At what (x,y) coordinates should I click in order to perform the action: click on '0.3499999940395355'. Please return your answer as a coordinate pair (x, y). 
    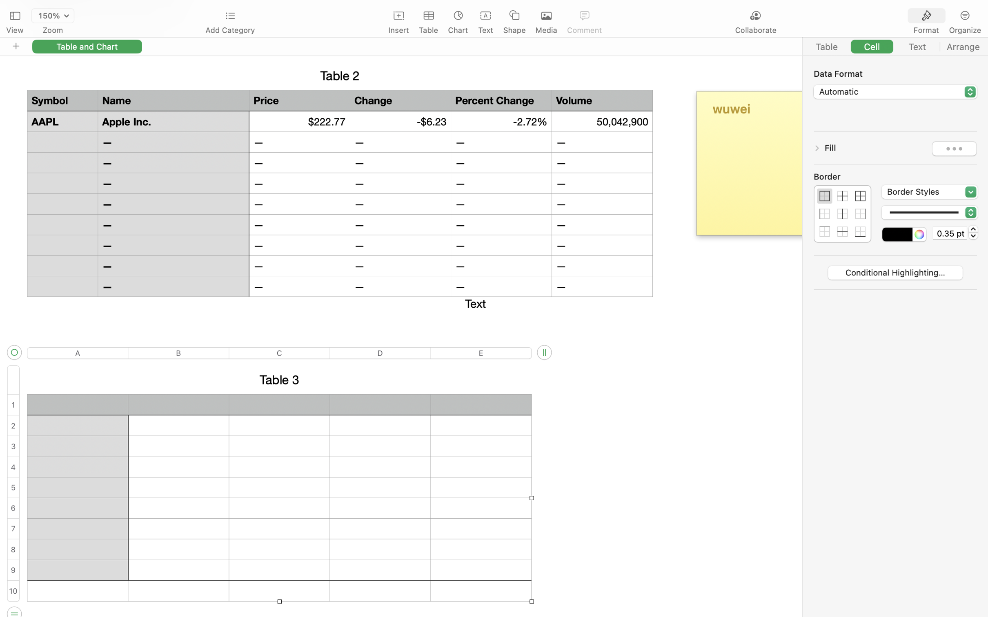
    Looking at the image, I should click on (973, 232).